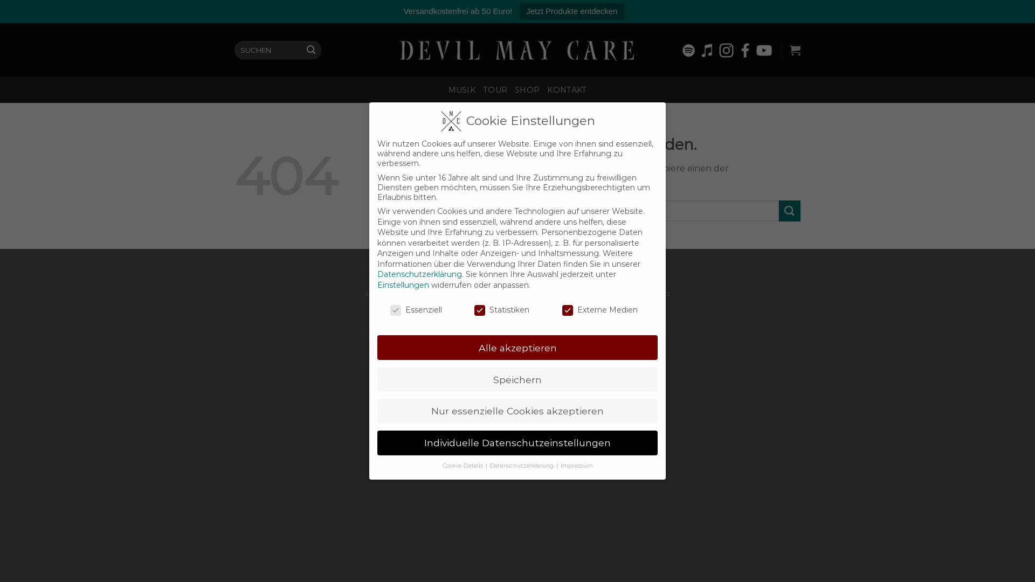 Image resolution: width=1035 pixels, height=582 pixels. Describe the element at coordinates (462, 89) in the screenshot. I see `'MUSIK'` at that location.